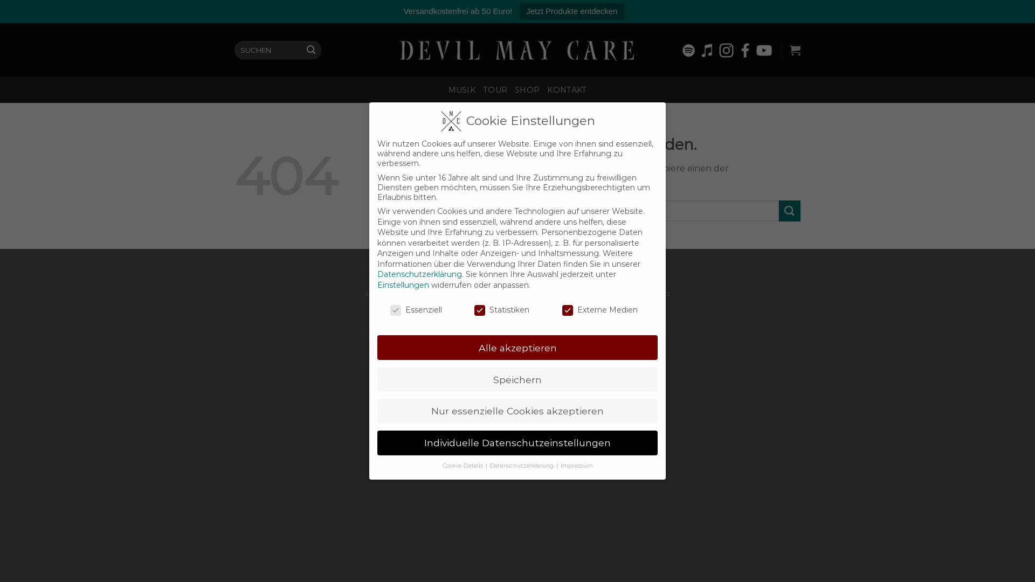 Image resolution: width=1035 pixels, height=582 pixels. Describe the element at coordinates (462, 89) in the screenshot. I see `'MUSIK'` at that location.